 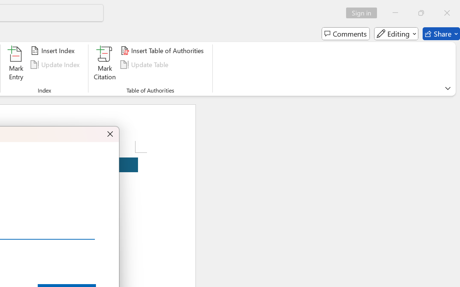 I want to click on 'Mark Entry...', so click(x=16, y=64).